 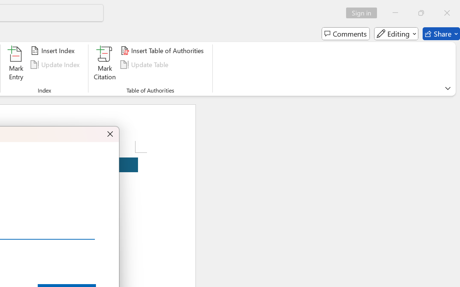 I want to click on 'Mark Entry...', so click(x=16, y=64).